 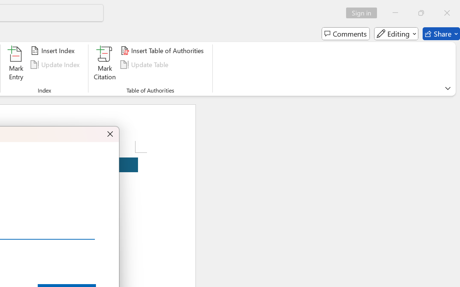 I want to click on 'Mark Entry...', so click(x=16, y=64).